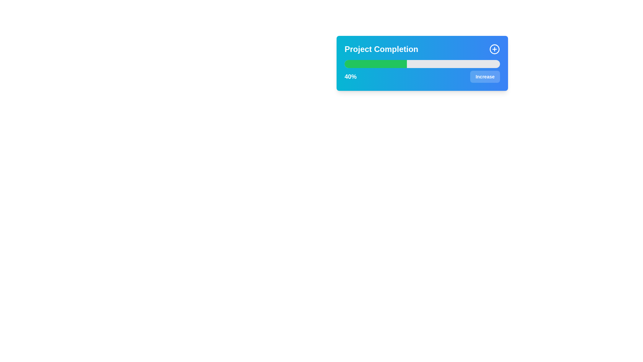 The image size is (643, 362). What do you see at coordinates (350, 76) in the screenshot?
I see `value displayed in the text label showing '40%' in white font, which is located on the far left side of the card component labeled 'Project Completion'` at bounding box center [350, 76].